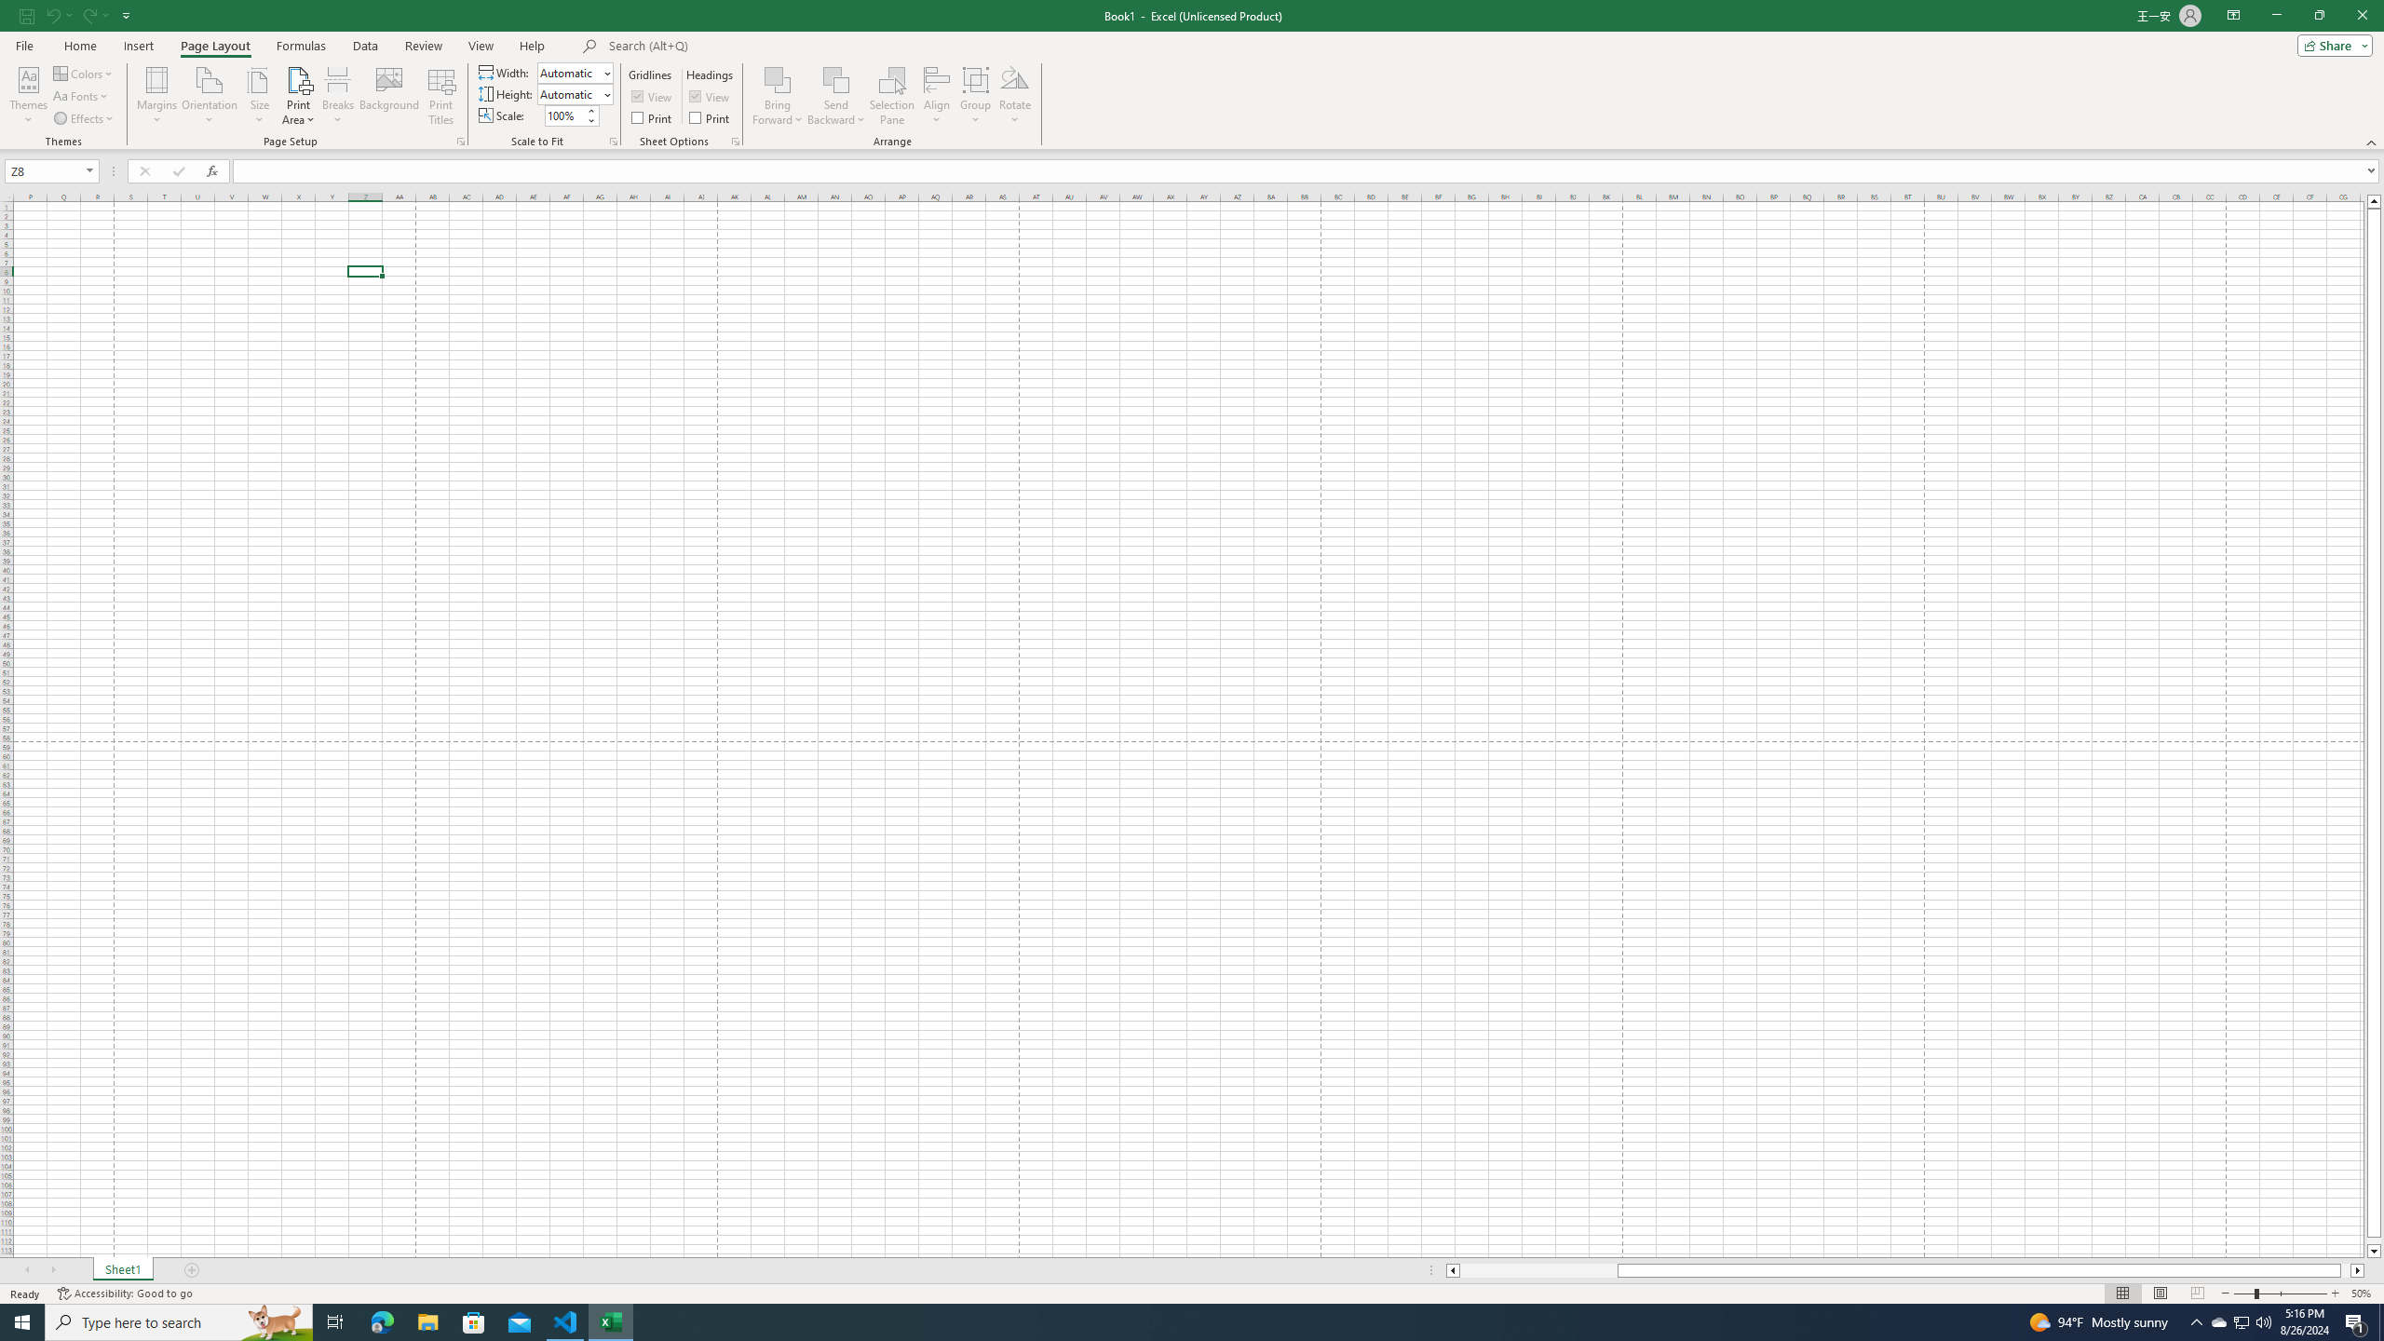 The height and width of the screenshot is (1341, 2384). I want to click on 'Line down', so click(2373, 1252).